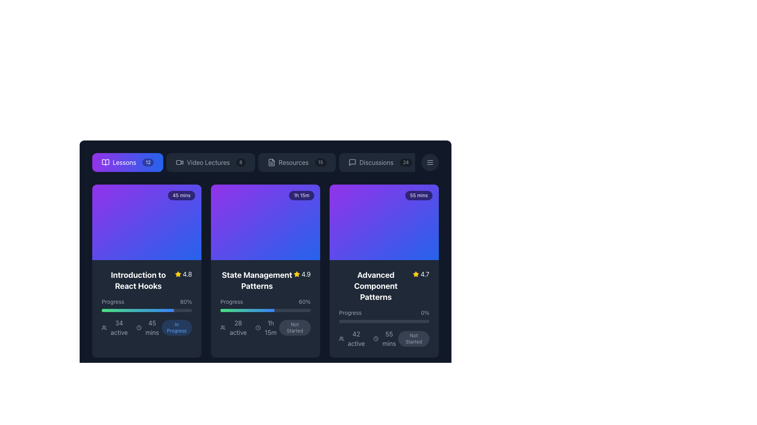 This screenshot has width=757, height=425. Describe the element at coordinates (258, 328) in the screenshot. I see `the clock icon representing the duration of the course, which is positioned to the left of the text '1h 15m'` at that location.